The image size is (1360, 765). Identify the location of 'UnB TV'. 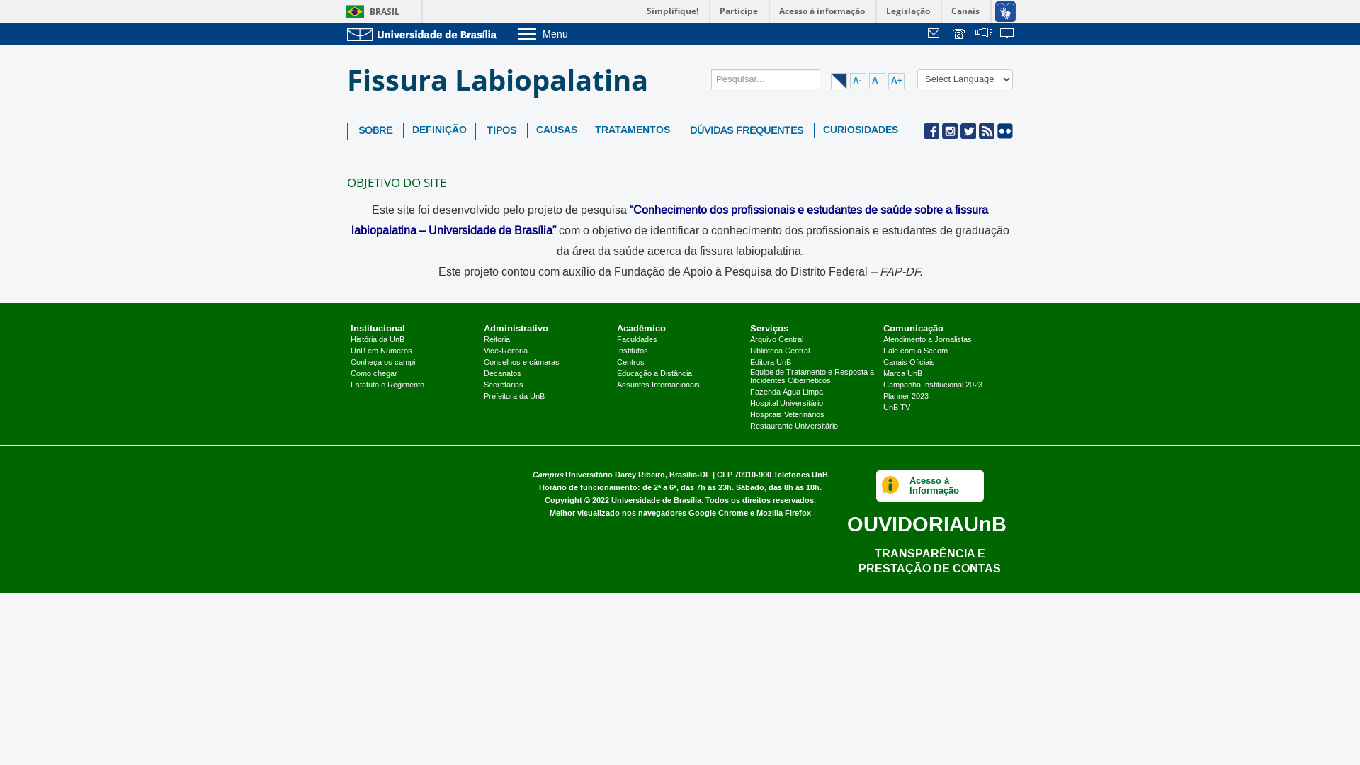
(896, 407).